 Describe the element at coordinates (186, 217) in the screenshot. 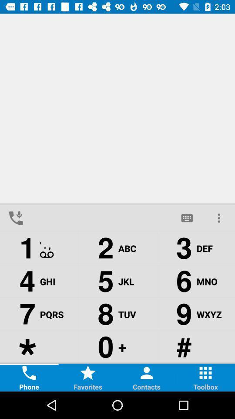

I see `the chat icon` at that location.